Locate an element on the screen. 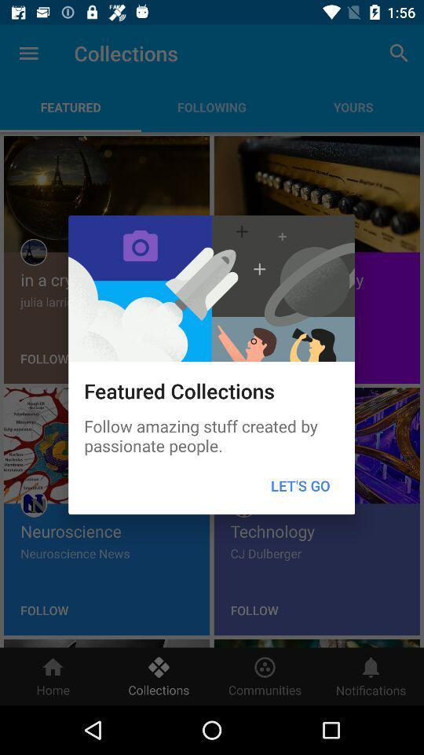 The width and height of the screenshot is (424, 755). the let's go on the right is located at coordinates (300, 484).